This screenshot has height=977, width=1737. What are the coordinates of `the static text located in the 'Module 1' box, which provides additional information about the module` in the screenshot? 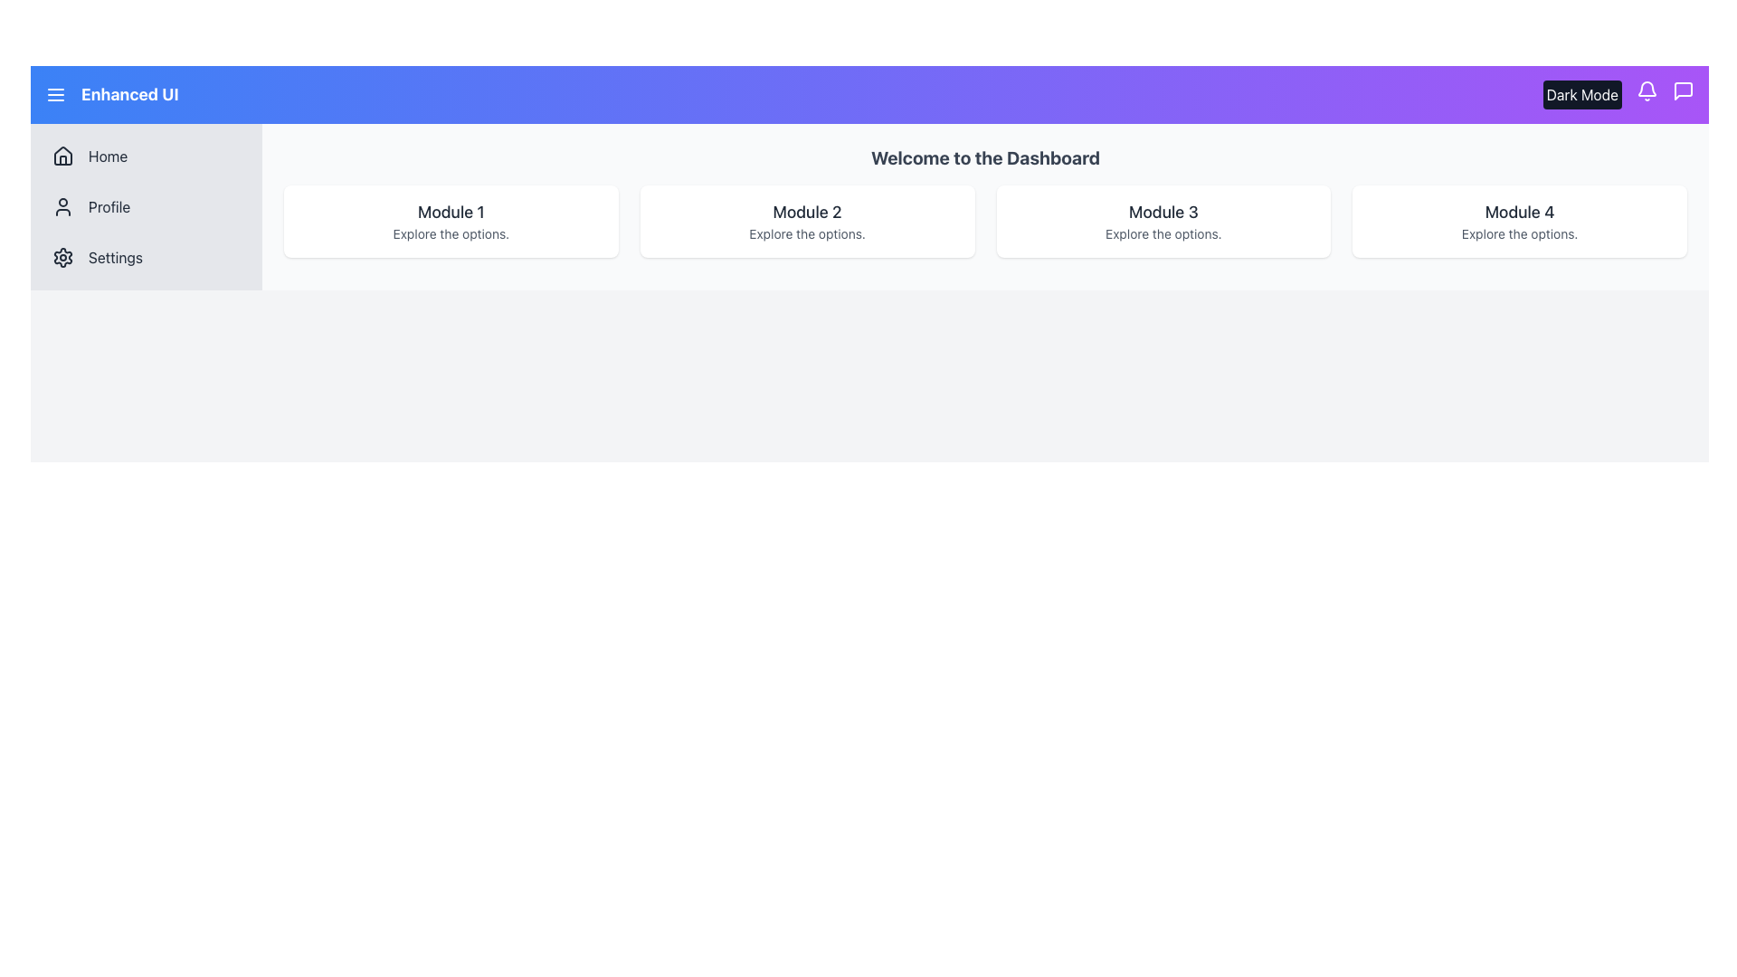 It's located at (451, 232).